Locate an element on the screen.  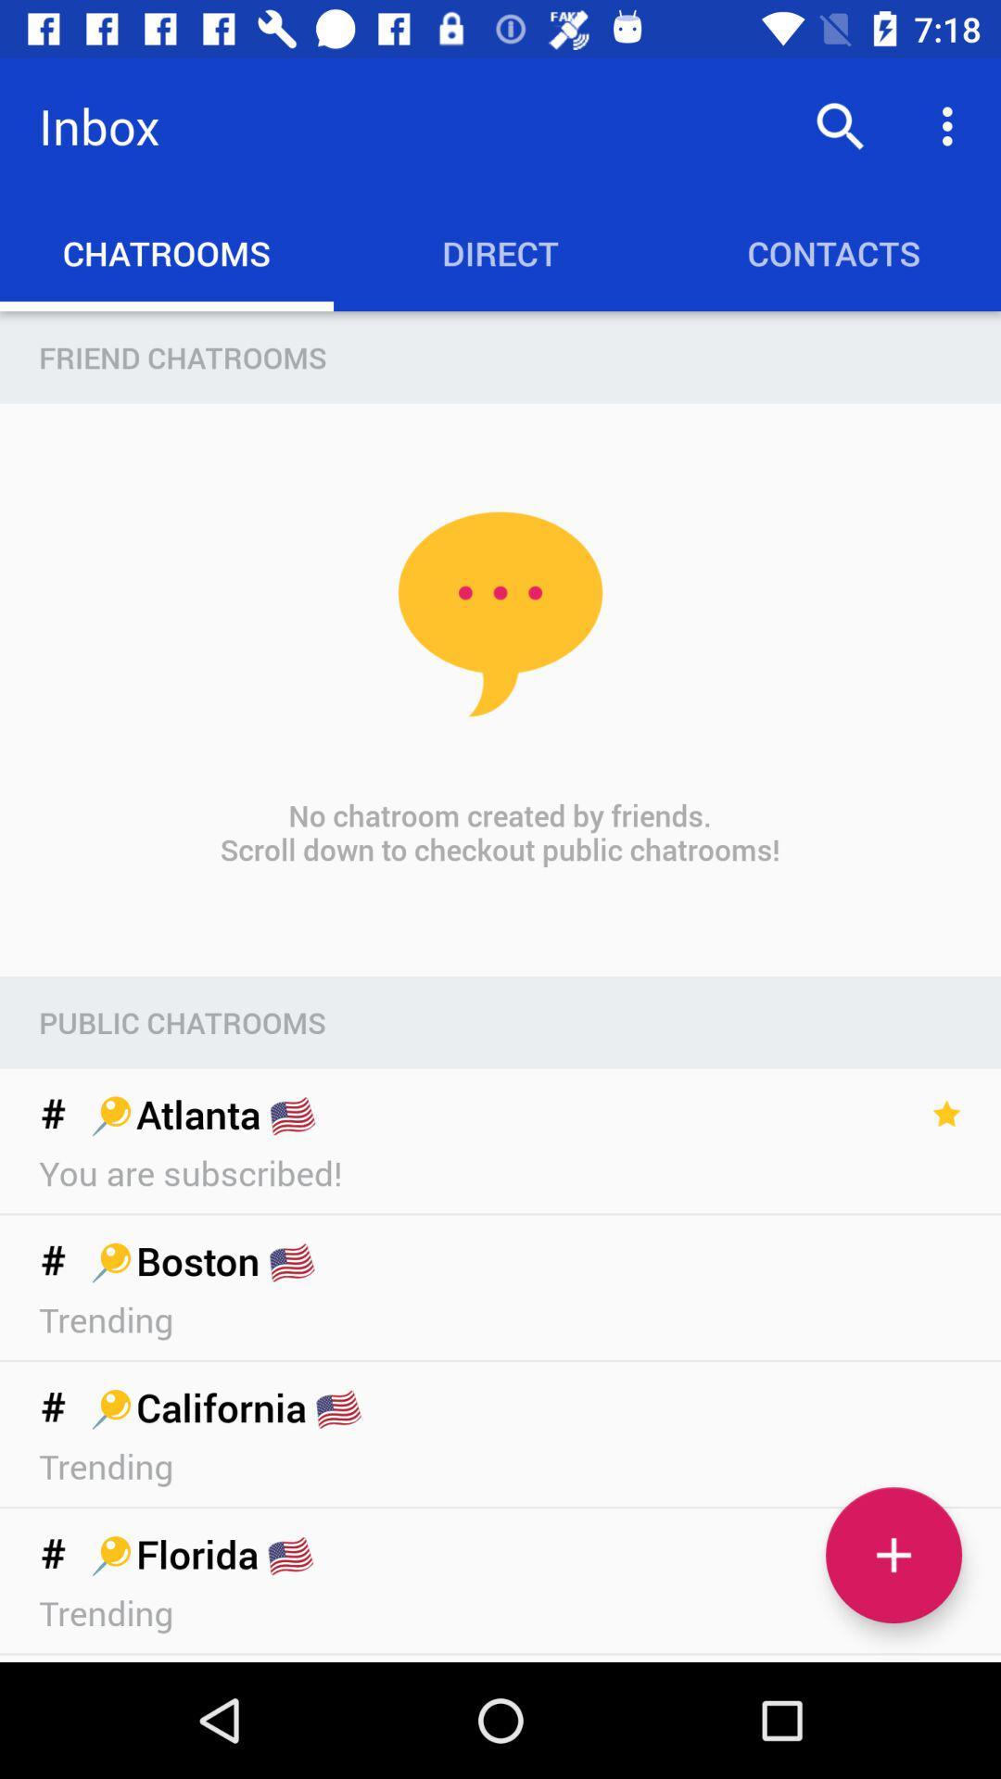
the icon at the bottom right corner is located at coordinates (893, 1555).